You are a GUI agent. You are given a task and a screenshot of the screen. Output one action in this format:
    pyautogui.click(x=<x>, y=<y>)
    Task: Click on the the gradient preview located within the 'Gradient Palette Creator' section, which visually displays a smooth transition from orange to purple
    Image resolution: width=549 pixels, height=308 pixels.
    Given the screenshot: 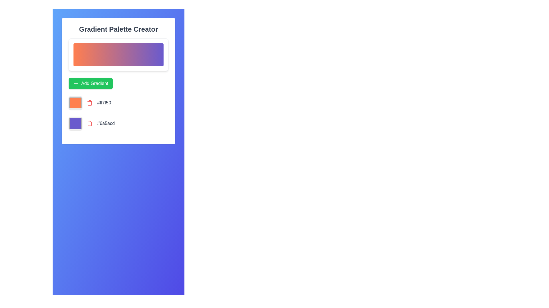 What is the action you would take?
    pyautogui.click(x=118, y=81)
    